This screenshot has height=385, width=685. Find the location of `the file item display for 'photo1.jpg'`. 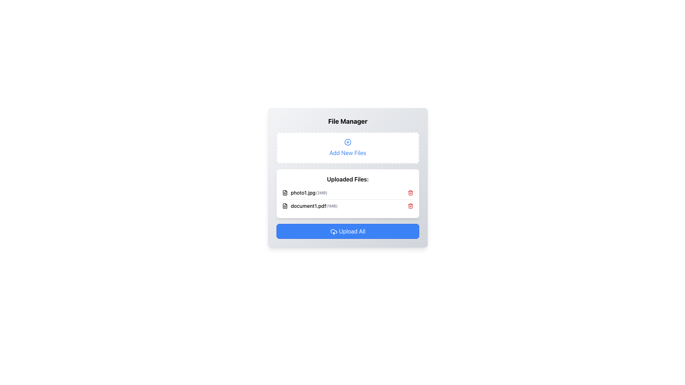

the file item display for 'photo1.jpg' is located at coordinates (305, 192).